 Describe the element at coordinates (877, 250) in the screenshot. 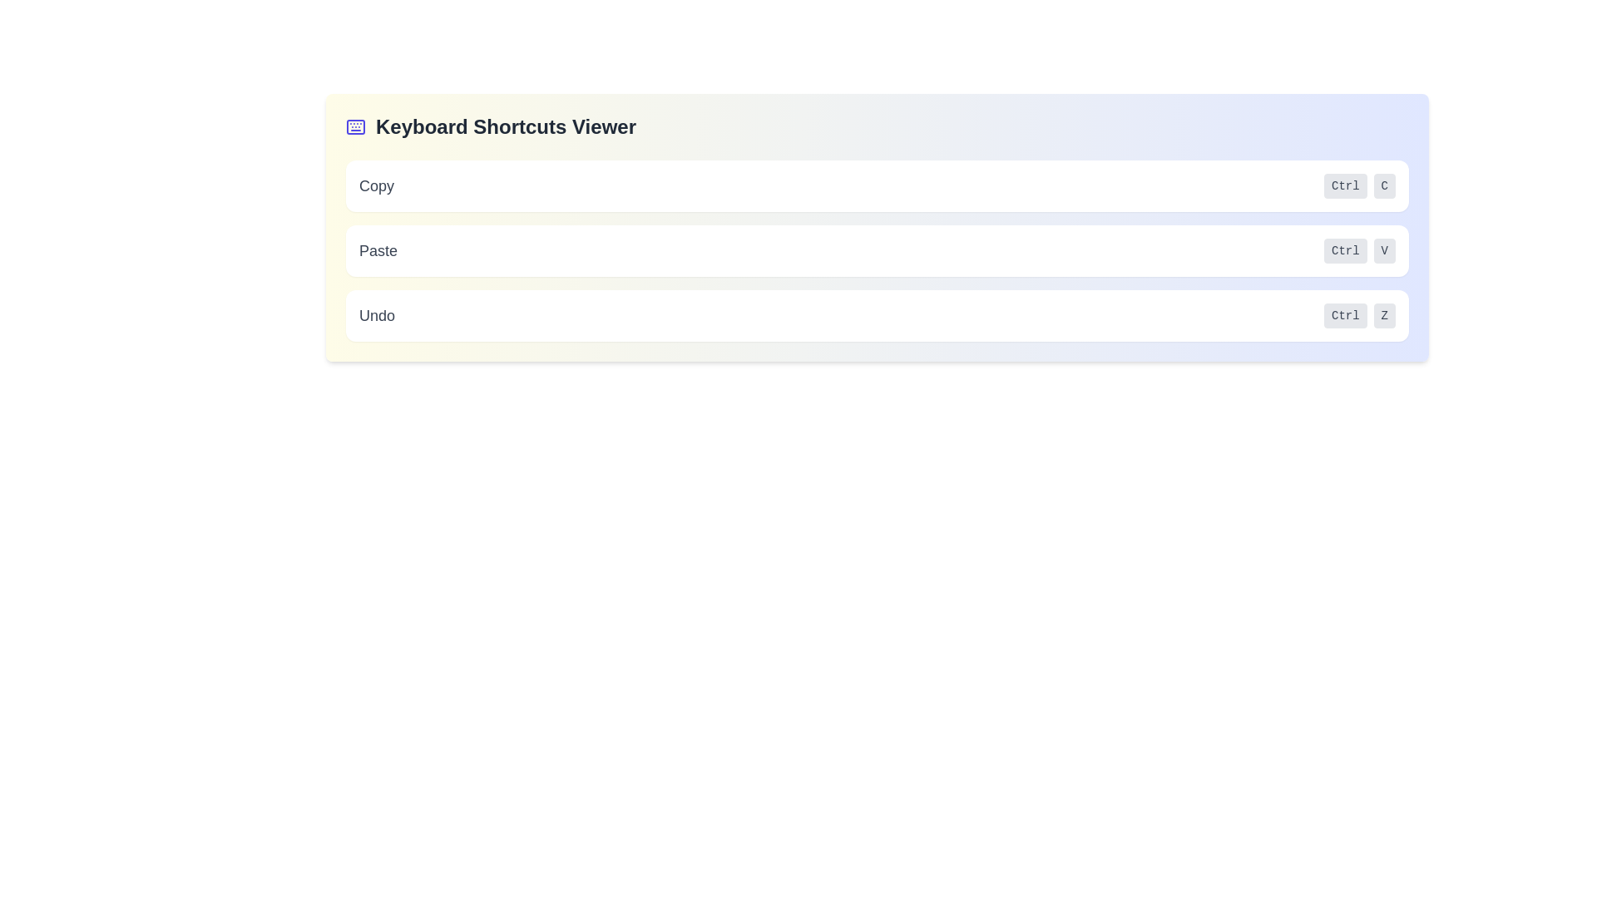

I see `the informational block labeled 'Paste' that contains shortcut buttons 'Ctrl' and 'V', positioned between 'Copy' and 'Undo'` at that location.